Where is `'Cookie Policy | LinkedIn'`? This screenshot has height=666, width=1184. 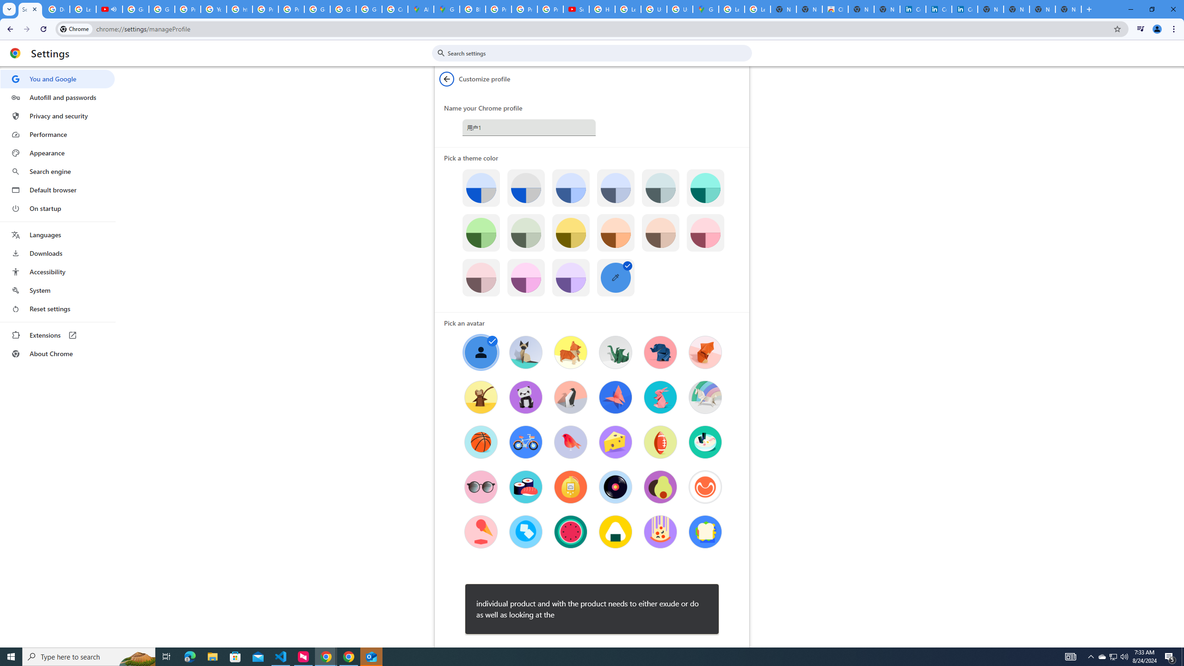
'Cookie Policy | LinkedIn' is located at coordinates (939, 9).